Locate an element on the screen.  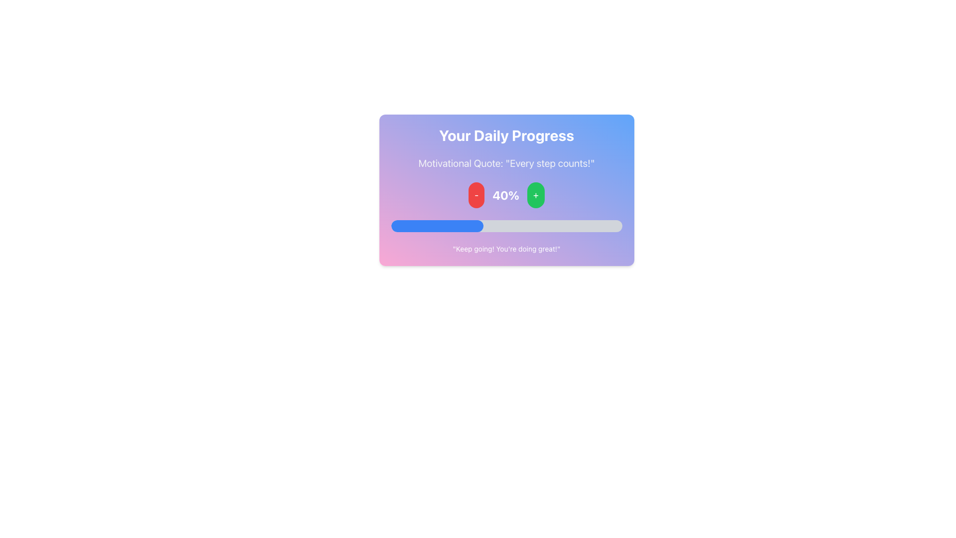
the green circular button with a white plus symbol ('+') located to the right of a text element displaying '40%' and to the right of a red circular button with a minus ('-') symbol is located at coordinates (535, 195).